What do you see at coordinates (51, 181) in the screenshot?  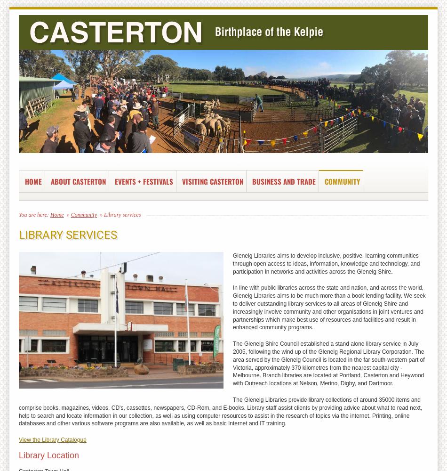 I see `'About Casterton'` at bounding box center [51, 181].